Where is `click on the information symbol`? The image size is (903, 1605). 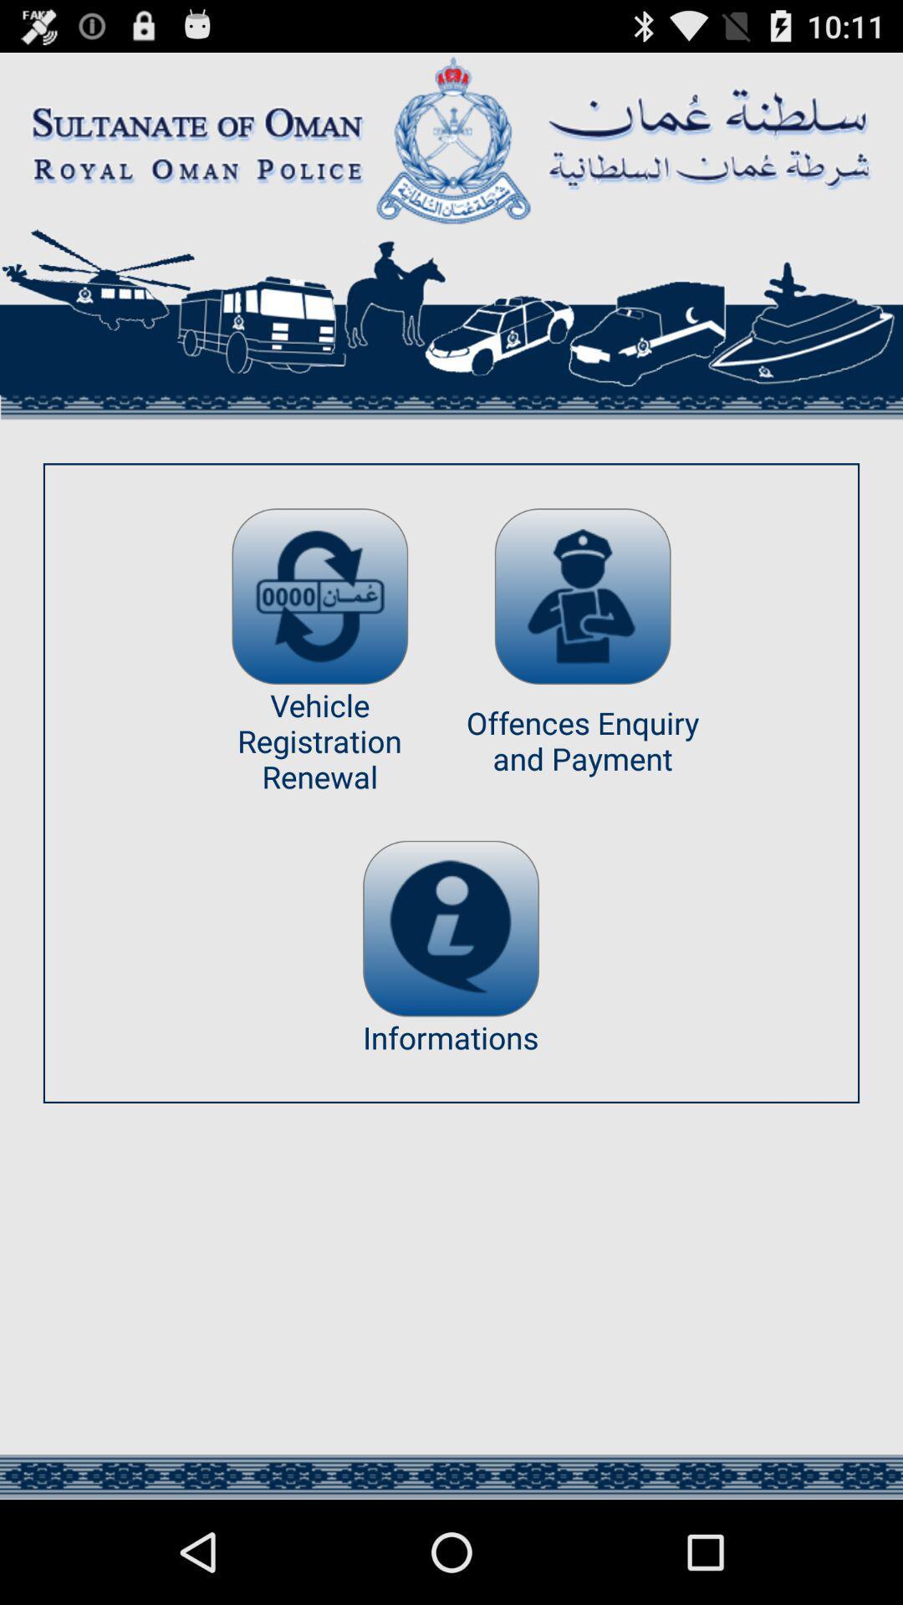 click on the information symbol is located at coordinates (450, 928).